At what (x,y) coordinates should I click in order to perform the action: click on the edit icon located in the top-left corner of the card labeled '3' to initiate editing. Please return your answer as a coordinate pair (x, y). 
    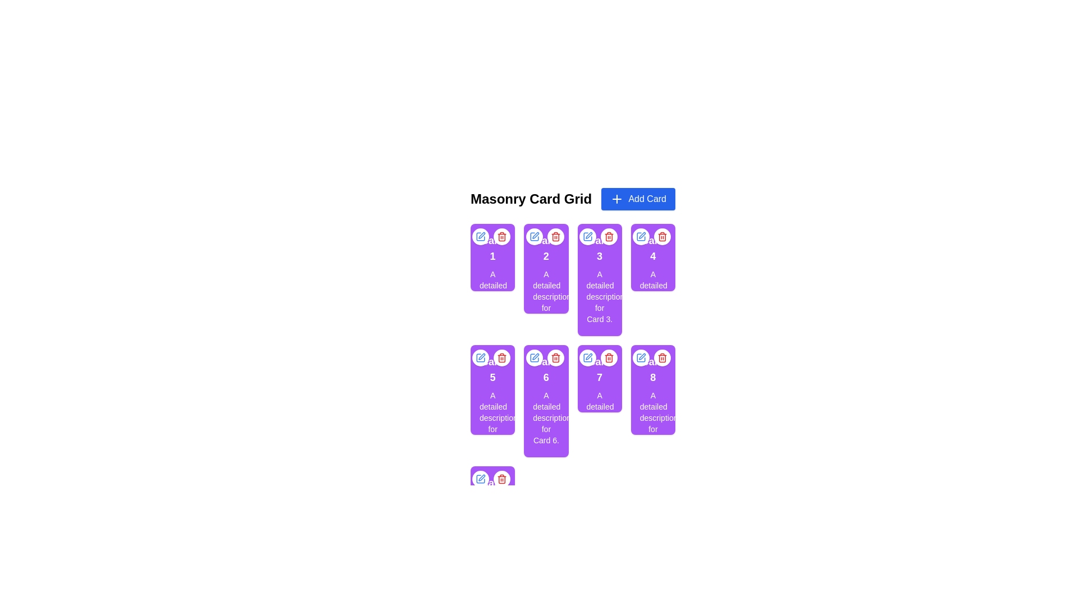
    Looking at the image, I should click on (587, 236).